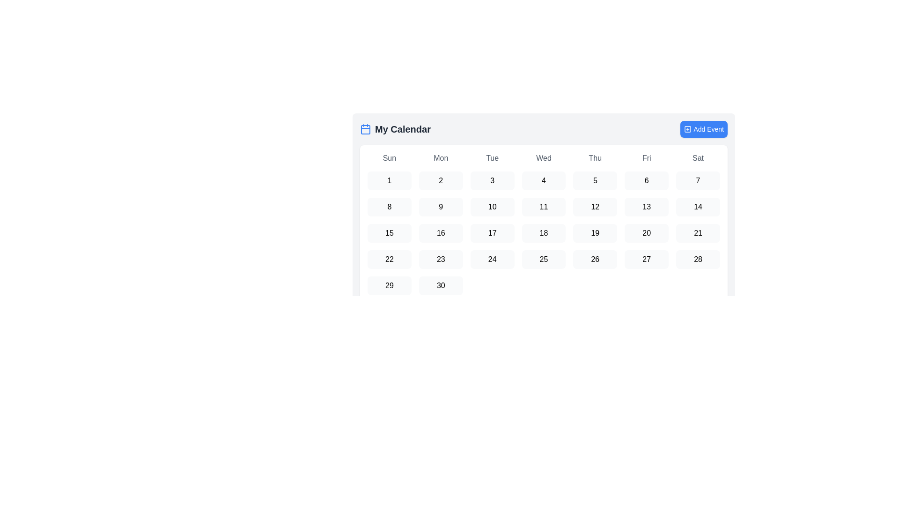  What do you see at coordinates (440, 180) in the screenshot?
I see `the calendar cell representing the second day of the month, located under 'Mon'` at bounding box center [440, 180].